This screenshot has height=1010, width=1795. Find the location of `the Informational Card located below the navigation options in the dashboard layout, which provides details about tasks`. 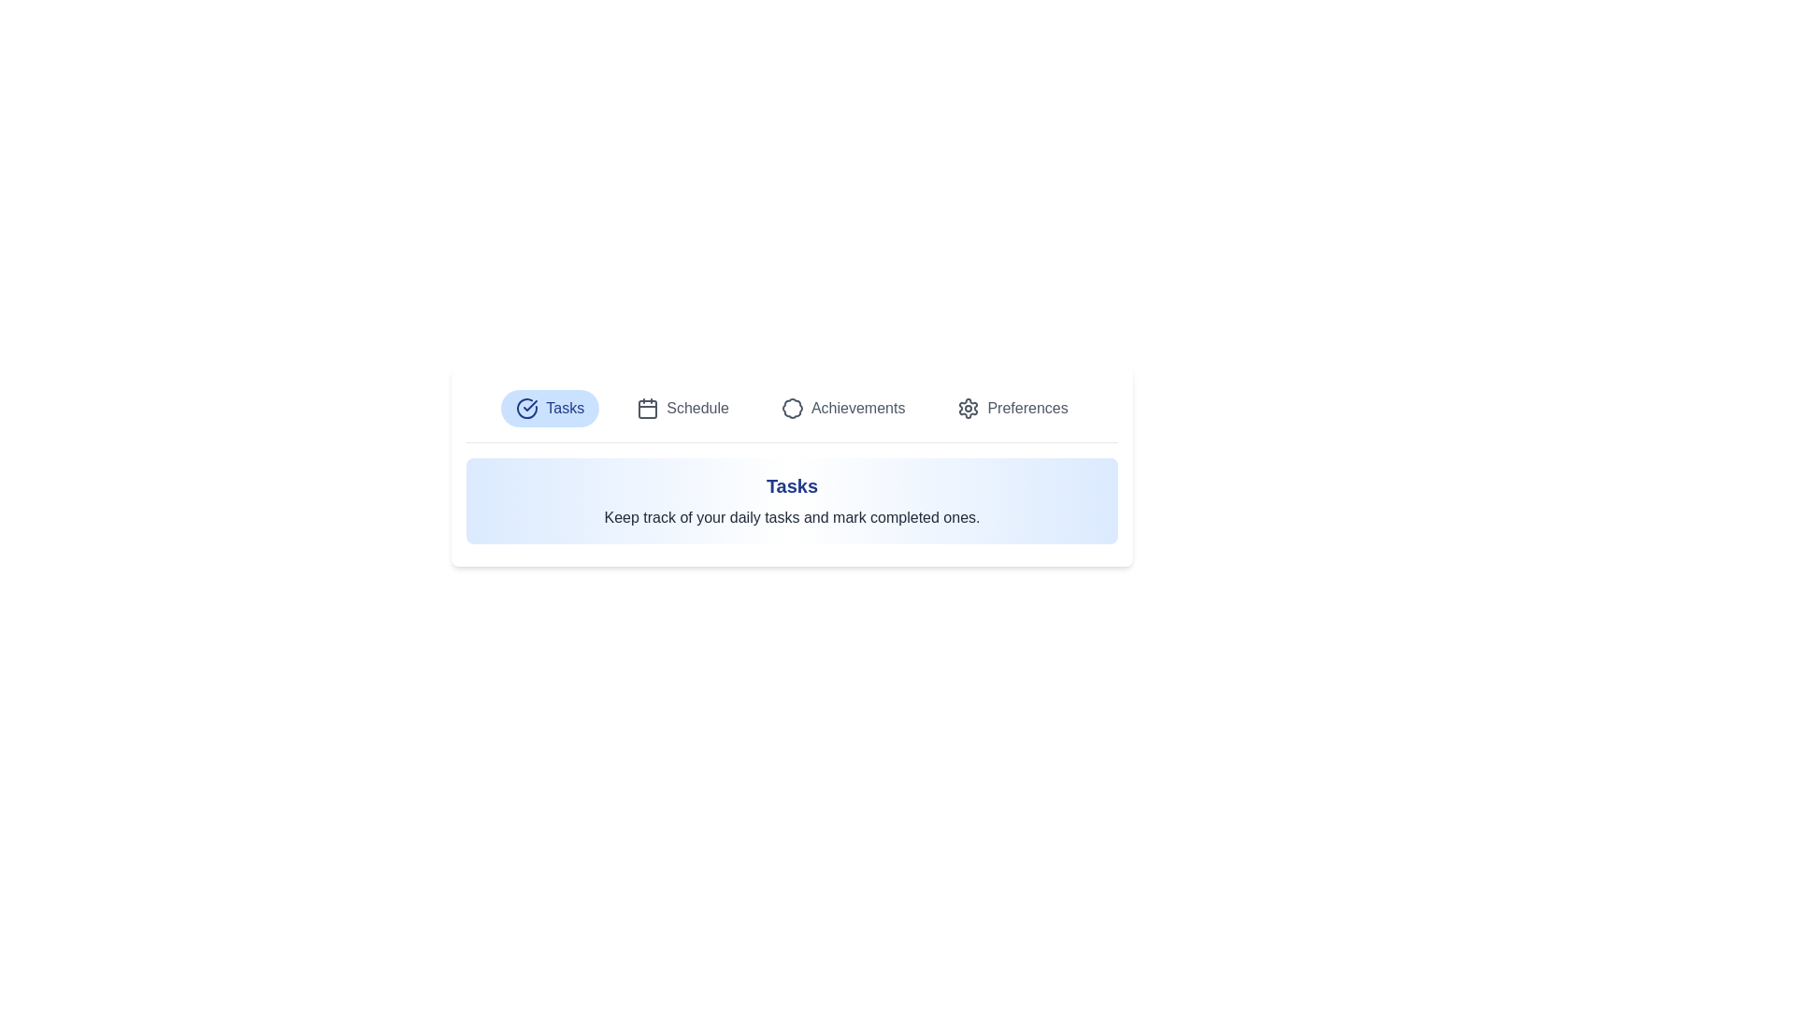

the Informational Card located below the navigation options in the dashboard layout, which provides details about tasks is located at coordinates (792, 500).